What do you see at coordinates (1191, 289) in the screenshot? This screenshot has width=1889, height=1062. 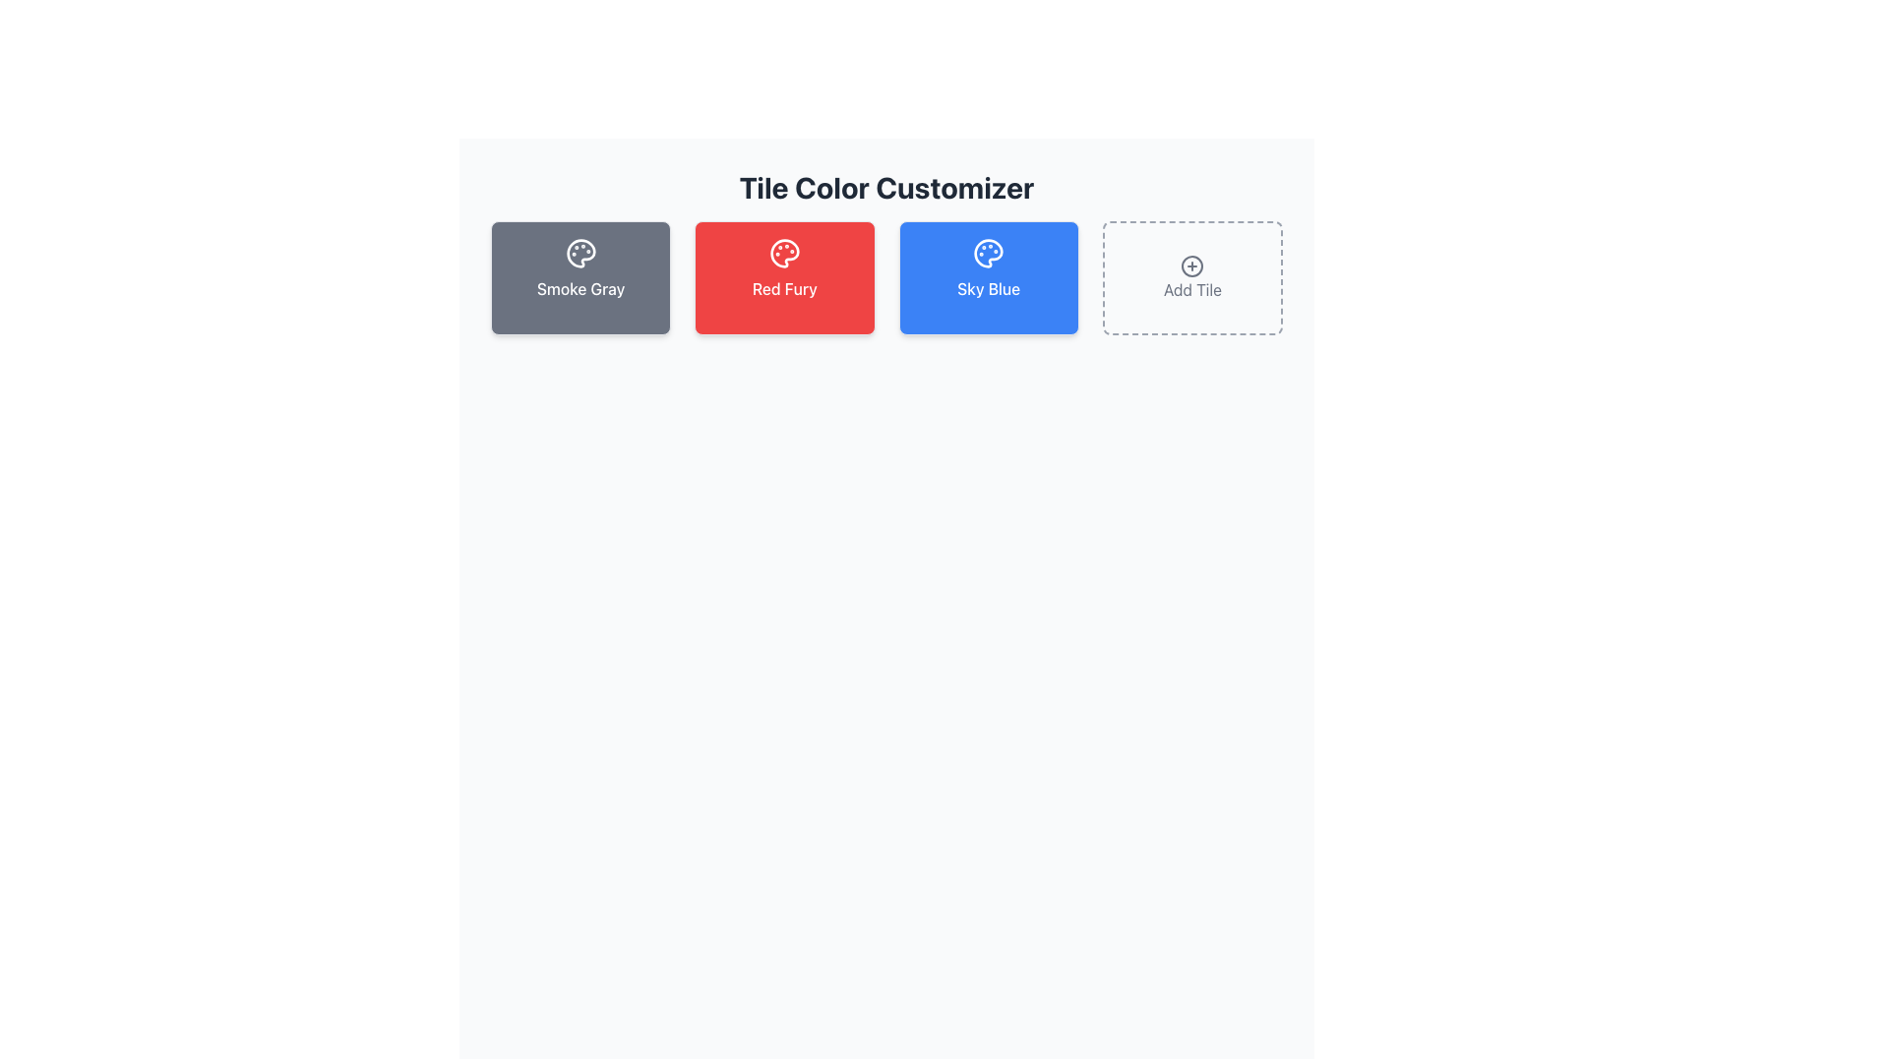 I see `the 'Add Tile' text label located within the light gray dashed rectangular box, which is the fourth in a horizontal row of tiles on the far right` at bounding box center [1191, 289].